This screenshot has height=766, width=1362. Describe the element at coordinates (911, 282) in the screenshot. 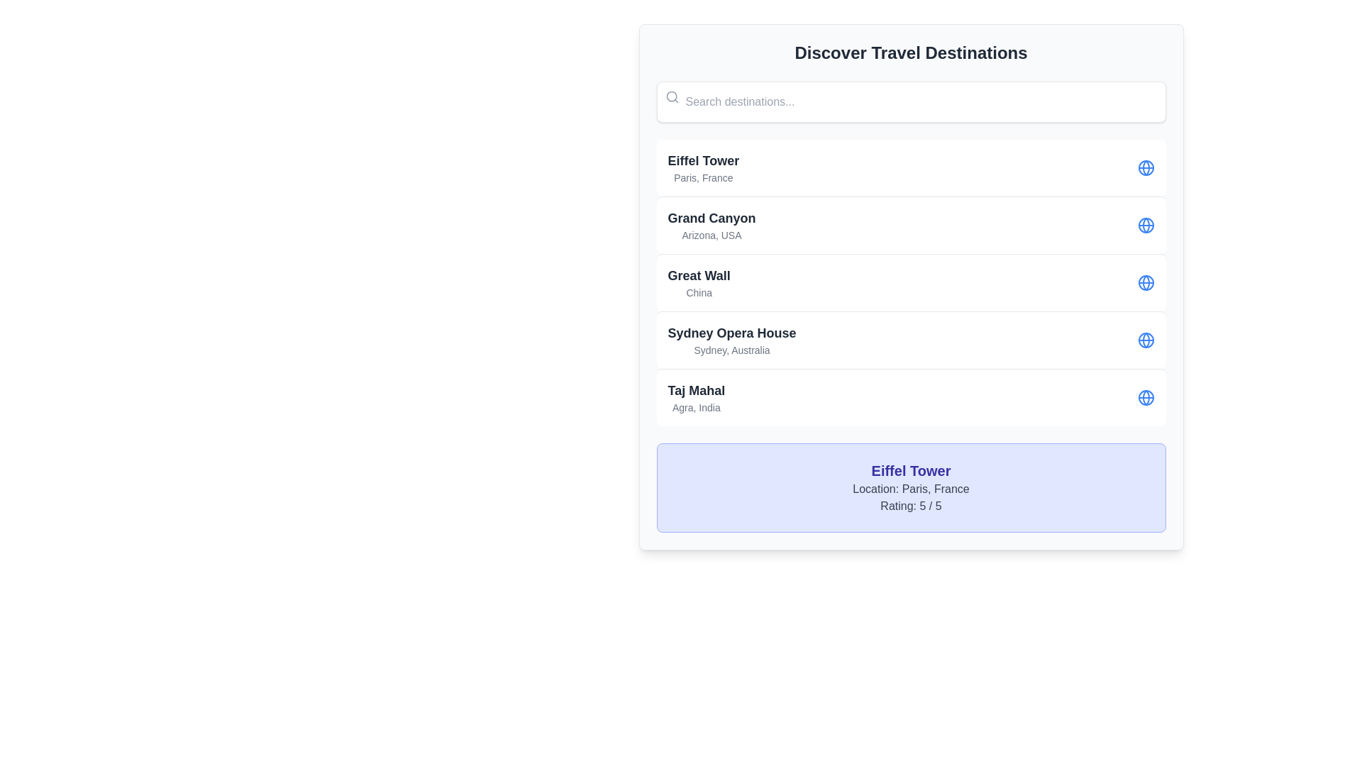

I see `the third list item under 'Discover Travel Destinations' that provides information about the 'Great Wall located in China'` at that location.